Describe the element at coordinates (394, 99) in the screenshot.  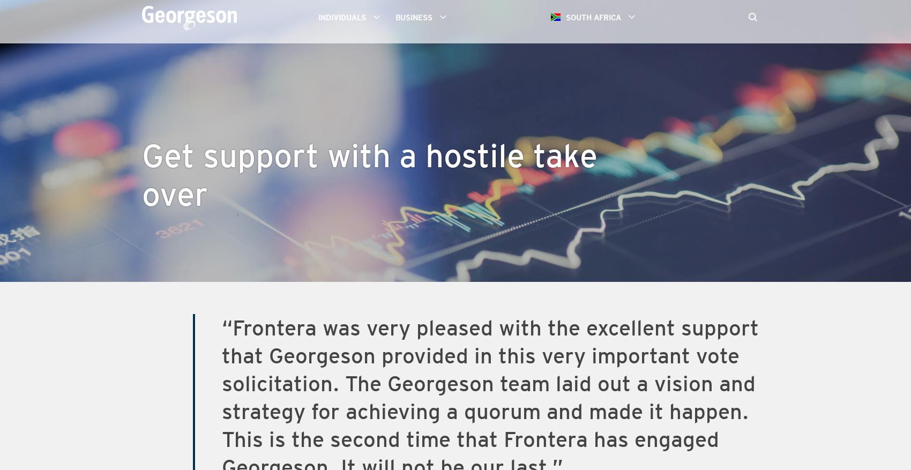
I see `'I am interested in a career at Georgeson'` at that location.